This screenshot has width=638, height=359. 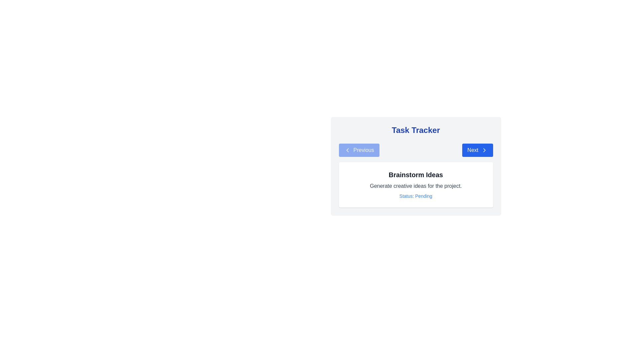 I want to click on the arrow icon located within the 'Previous' button, which indicates backward navigation and is positioned to the left of the button's label, so click(x=347, y=150).